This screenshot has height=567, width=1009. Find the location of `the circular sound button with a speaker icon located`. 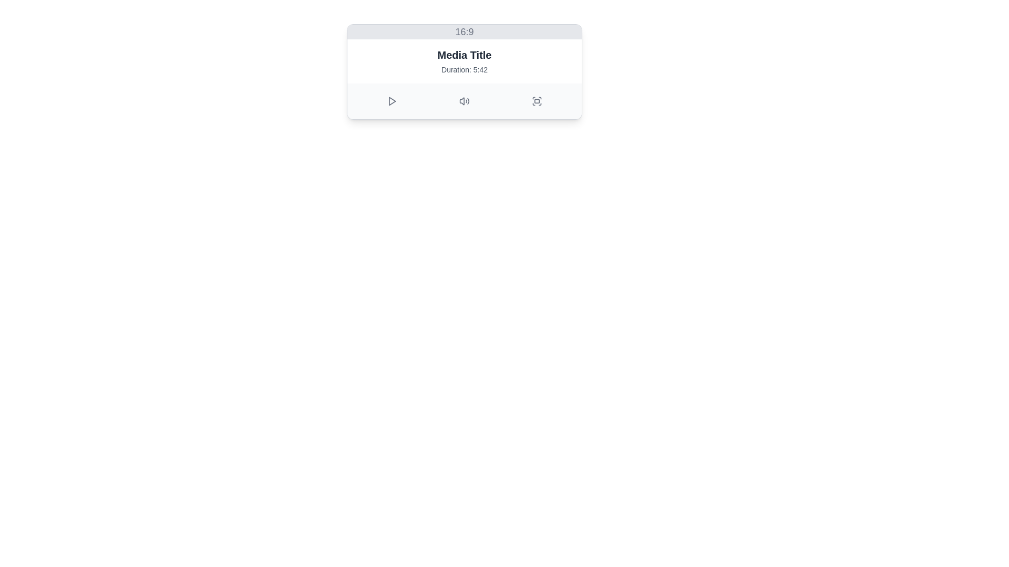

the circular sound button with a speaker icon located is located at coordinates (464, 101).